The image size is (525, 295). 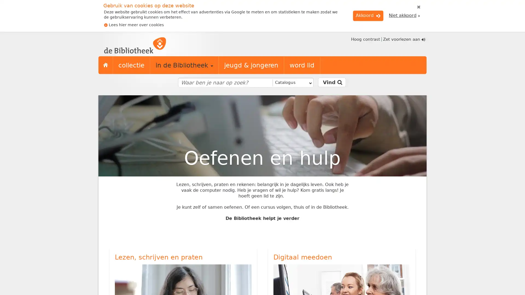 I want to click on Akkoord, so click(x=368, y=15).